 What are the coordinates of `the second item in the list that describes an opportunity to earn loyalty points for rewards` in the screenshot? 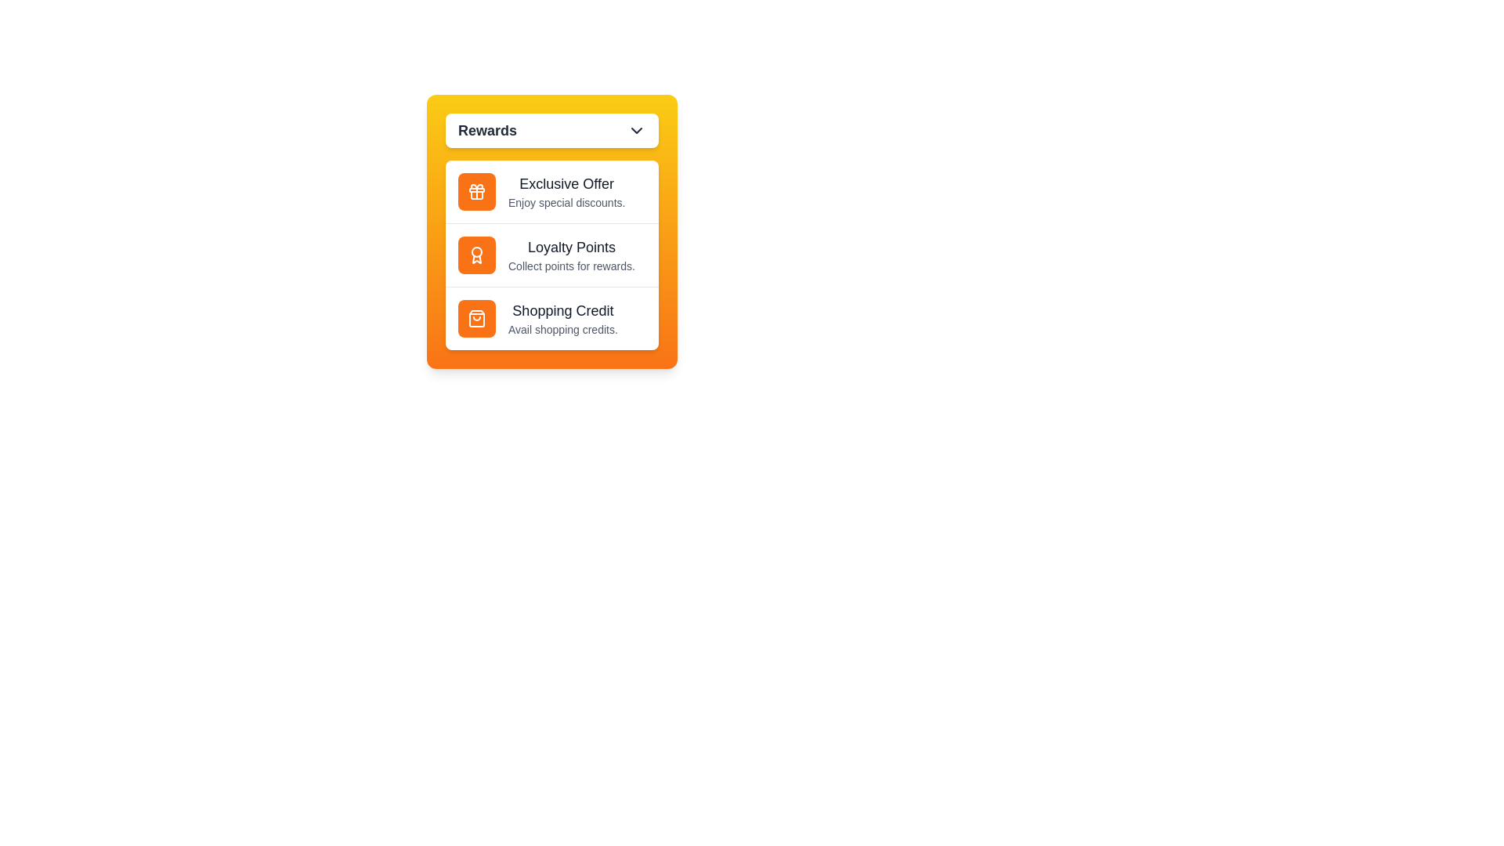 It's located at (552, 255).